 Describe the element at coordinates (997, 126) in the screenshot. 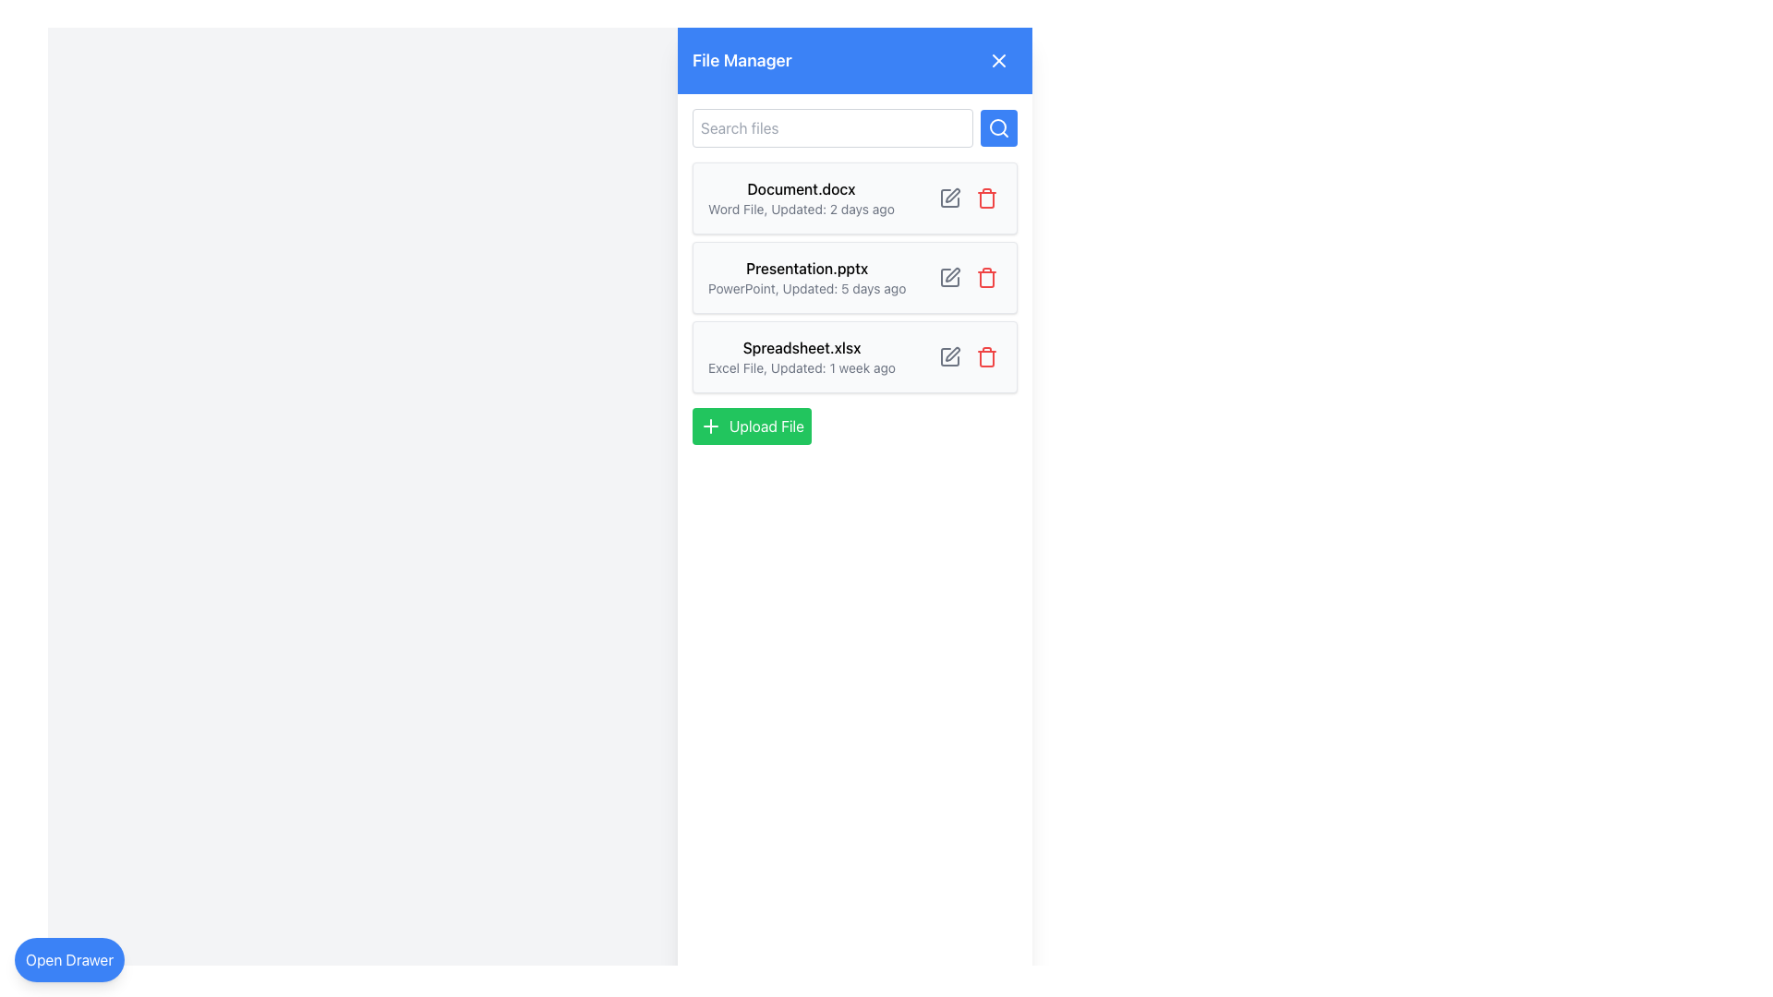

I see `the white circular magnifying glass icon located inside the blue circular button in the upper blue bar of the sidebar interface` at that location.